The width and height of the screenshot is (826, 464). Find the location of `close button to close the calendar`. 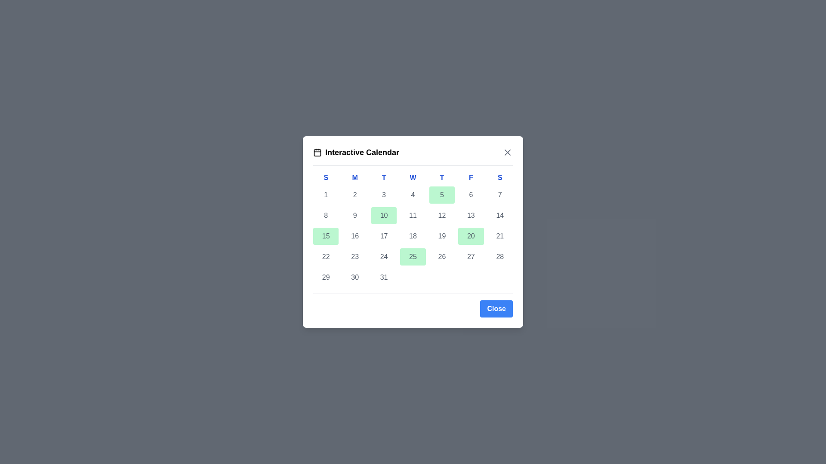

close button to close the calendar is located at coordinates (496, 308).